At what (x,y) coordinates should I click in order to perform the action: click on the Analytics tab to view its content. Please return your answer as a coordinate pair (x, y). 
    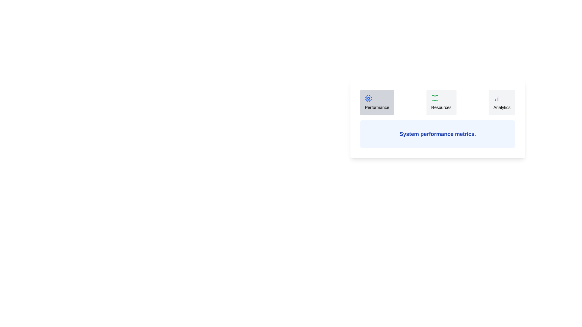
    Looking at the image, I should click on (502, 102).